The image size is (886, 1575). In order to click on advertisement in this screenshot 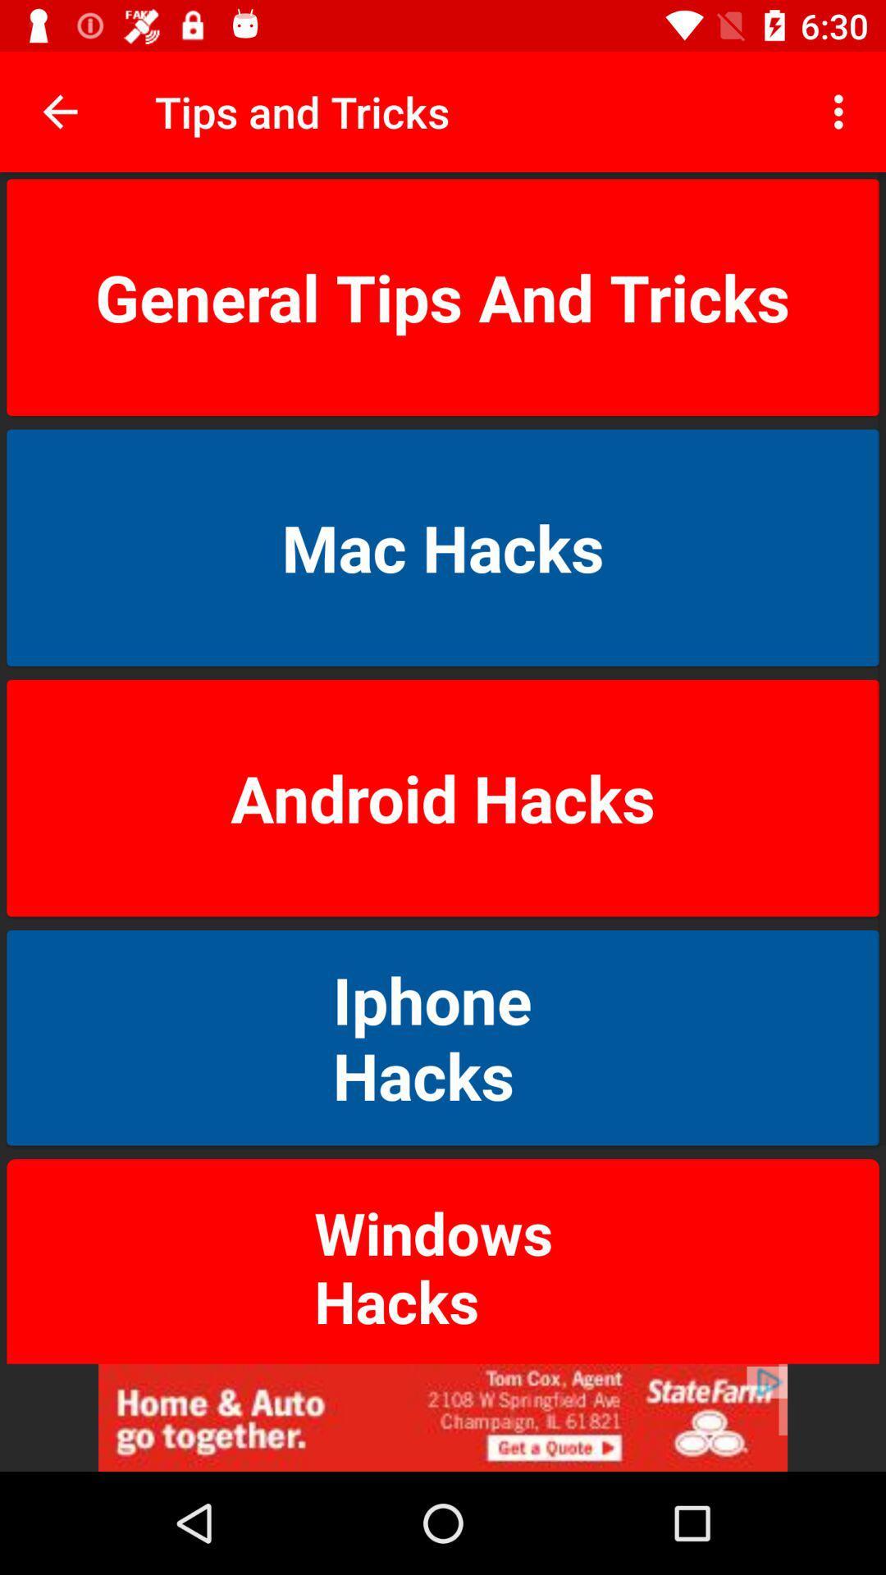, I will do `click(443, 1417)`.